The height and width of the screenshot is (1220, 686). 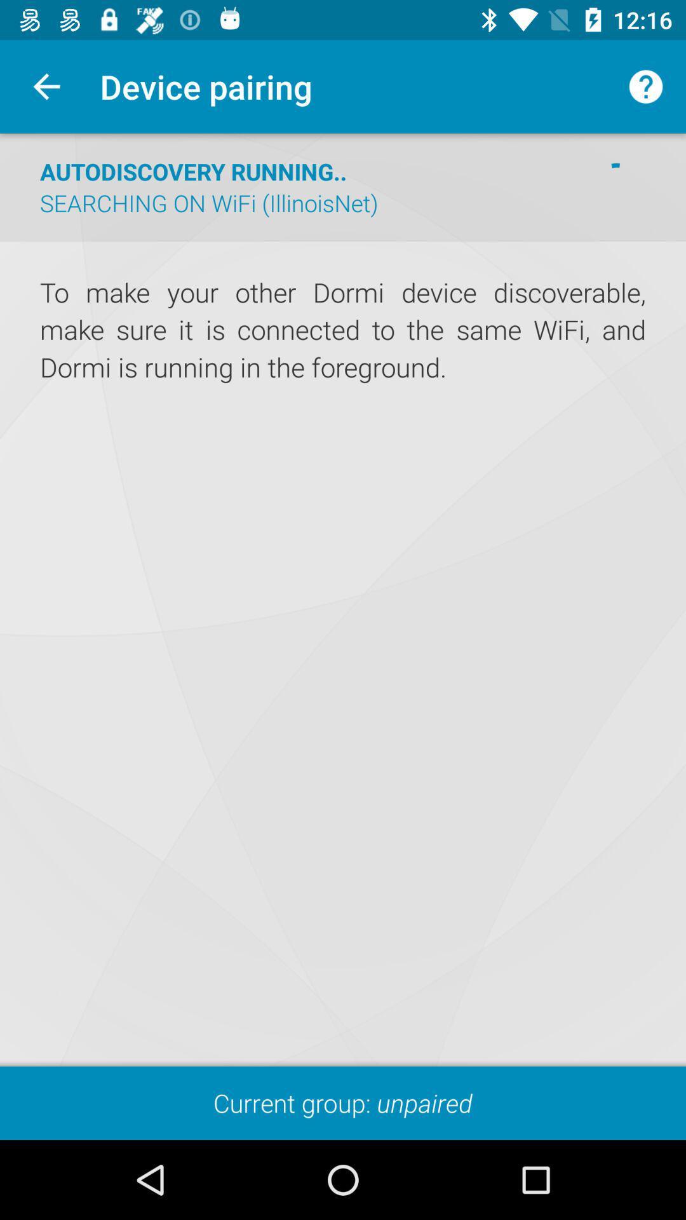 What do you see at coordinates (46, 86) in the screenshot?
I see `the app next to device pairing item` at bounding box center [46, 86].